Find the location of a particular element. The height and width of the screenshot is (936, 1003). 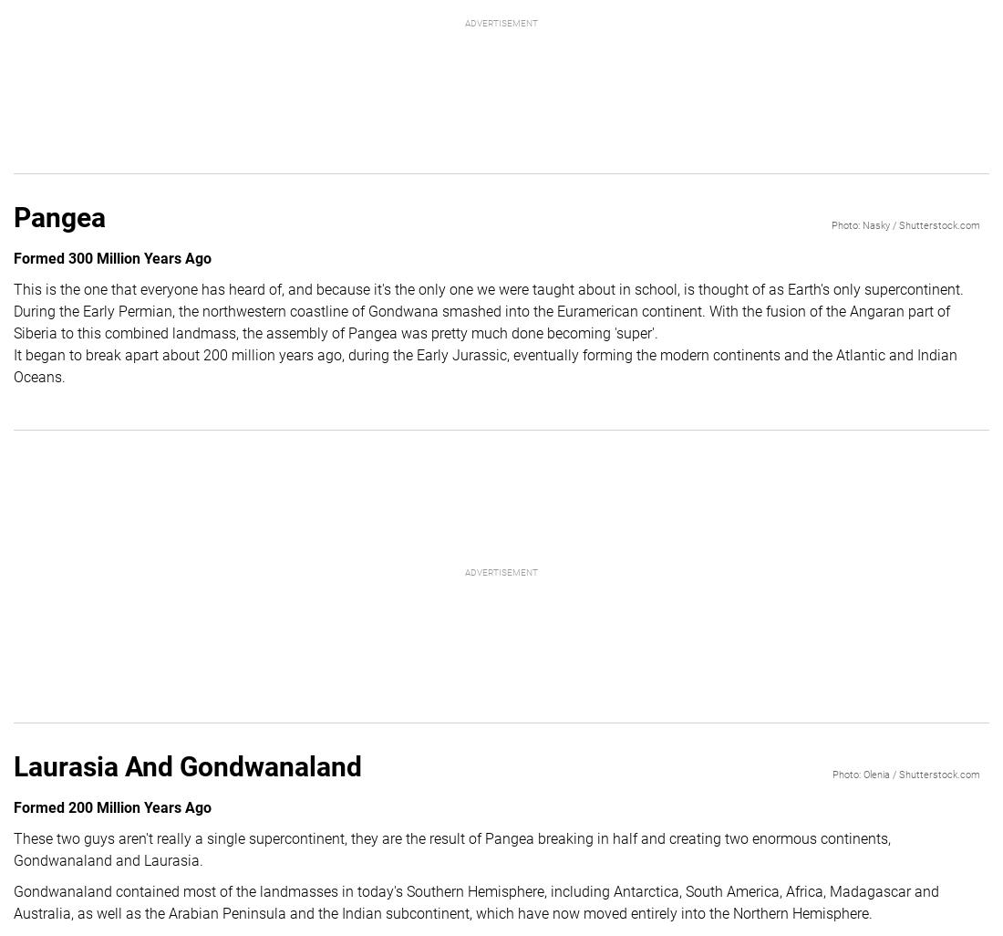

'Pangea' is located at coordinates (58, 216).